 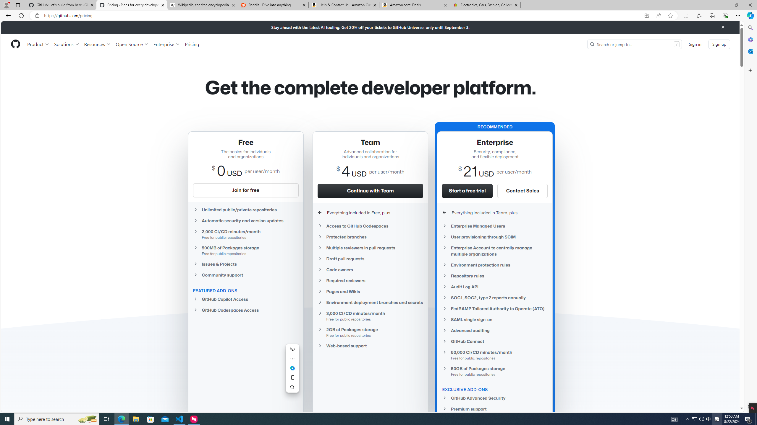 I want to click on 'Mini menu on text selection', so click(x=292, y=372).